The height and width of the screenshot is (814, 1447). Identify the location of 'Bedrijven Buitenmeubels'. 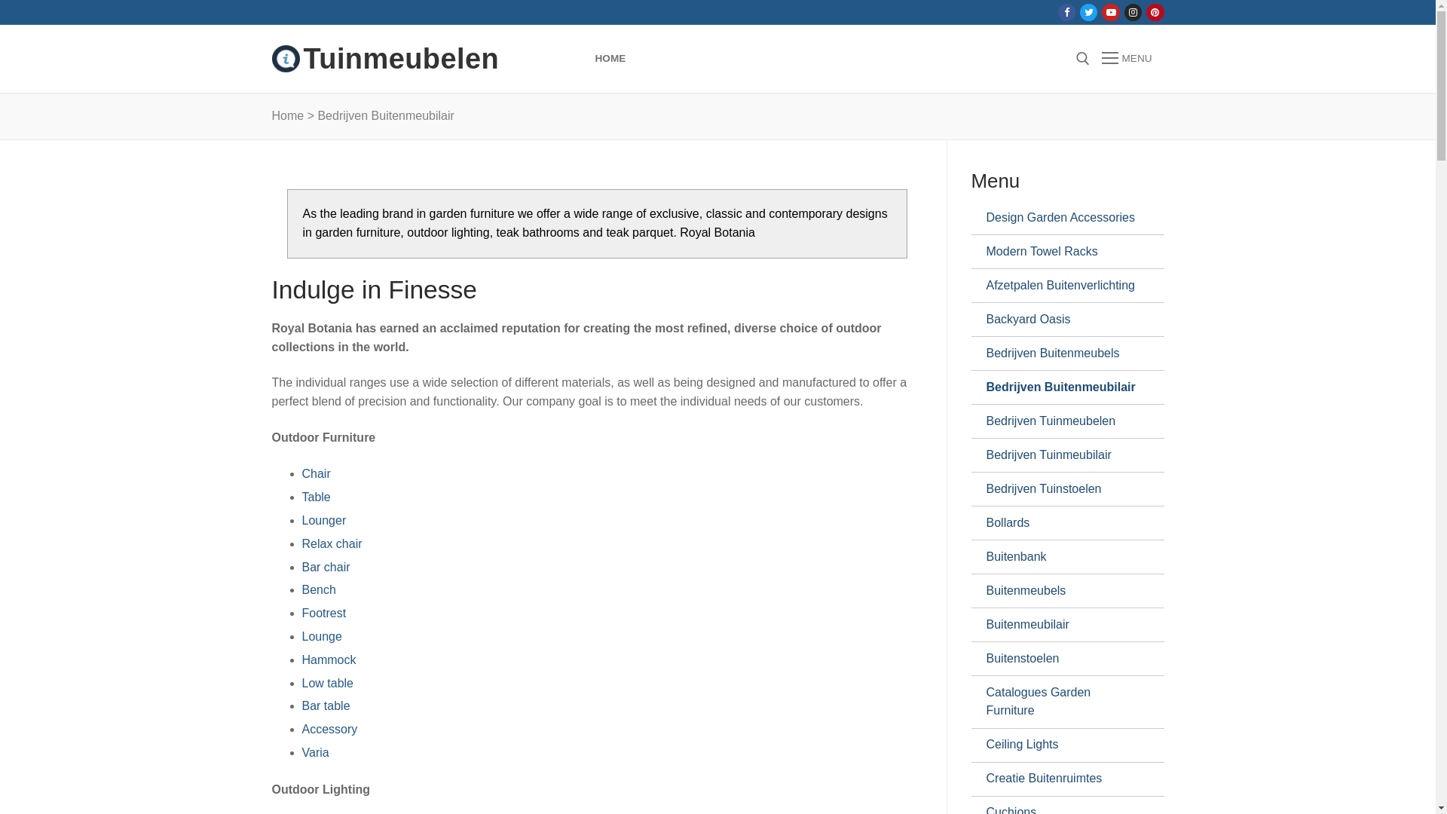
(1060, 353).